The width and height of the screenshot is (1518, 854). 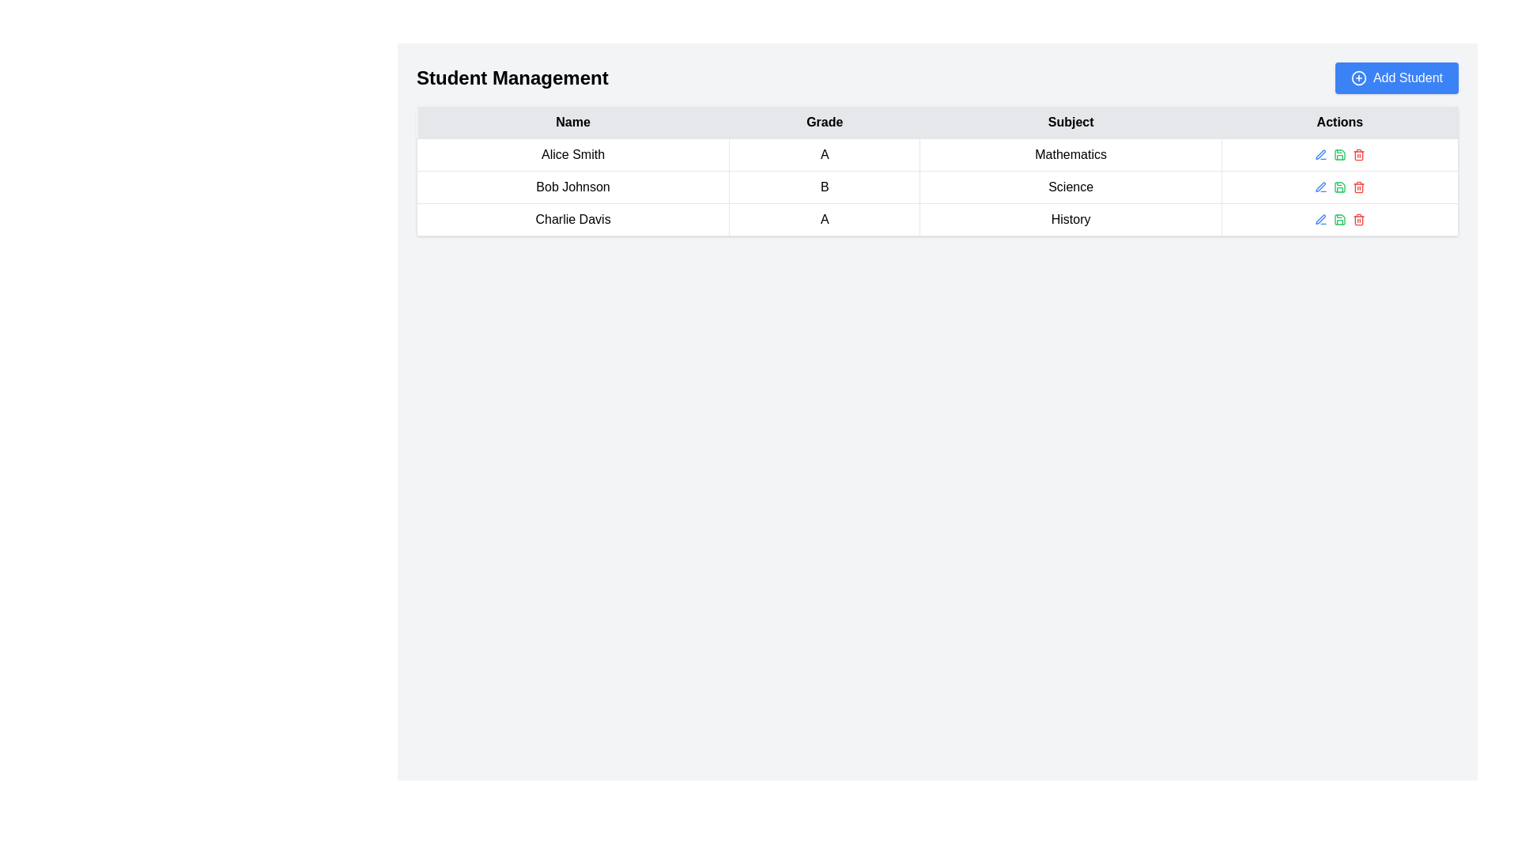 What do you see at coordinates (1358, 219) in the screenshot?
I see `the red trash icon button in the 'Actions' column for 'Charlie Davis' and 'History'` at bounding box center [1358, 219].